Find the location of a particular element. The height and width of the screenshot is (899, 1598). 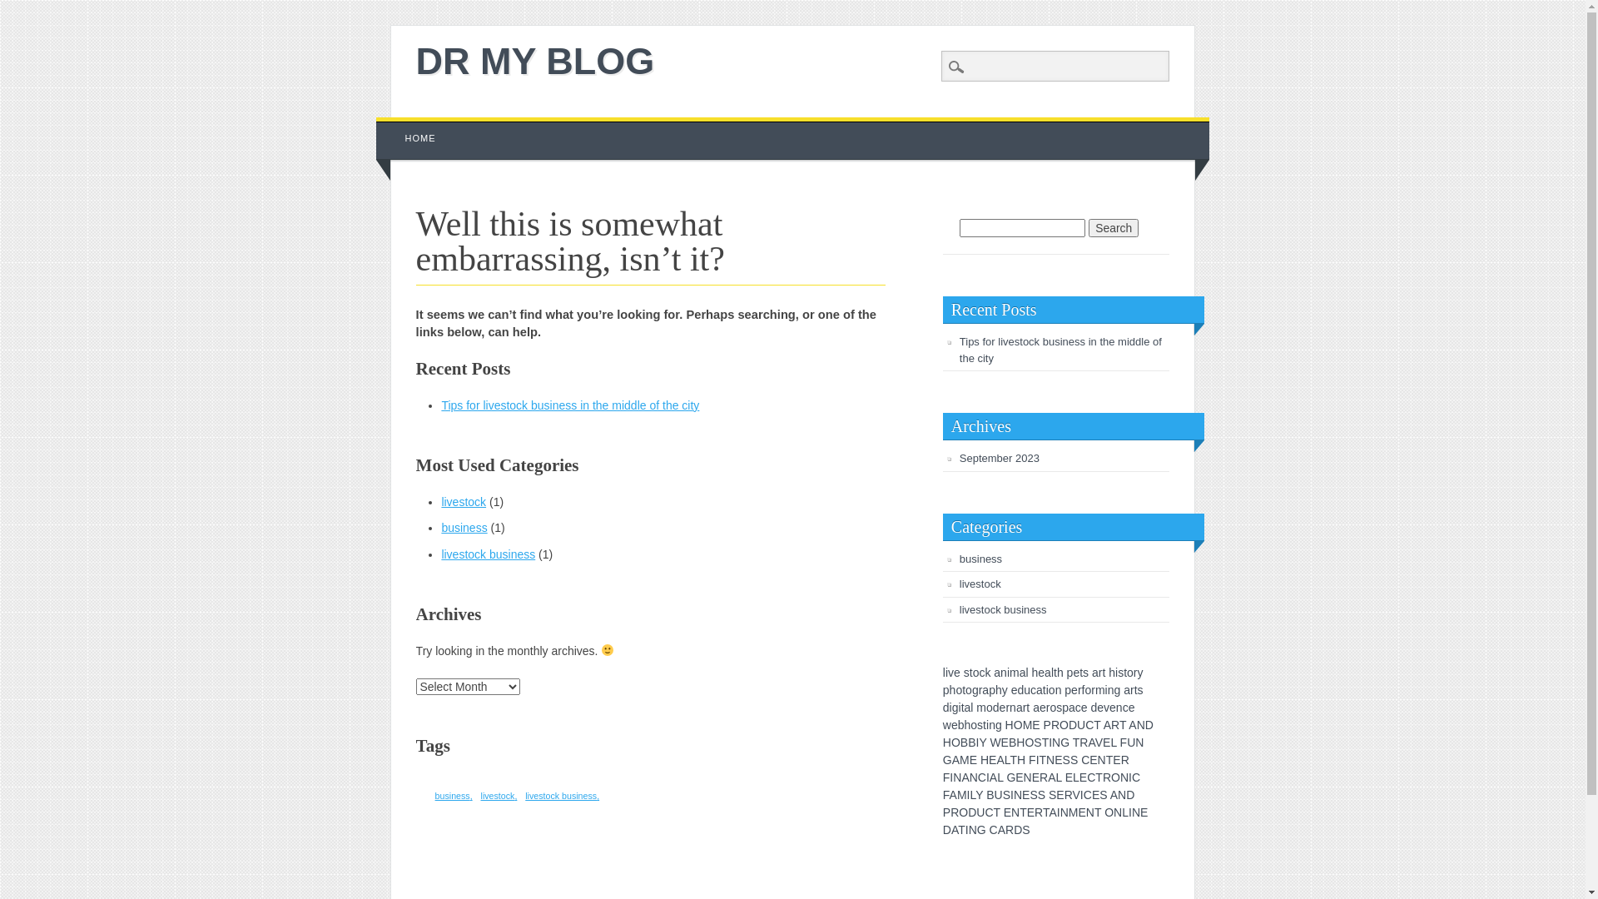

'H' is located at coordinates (1020, 760).